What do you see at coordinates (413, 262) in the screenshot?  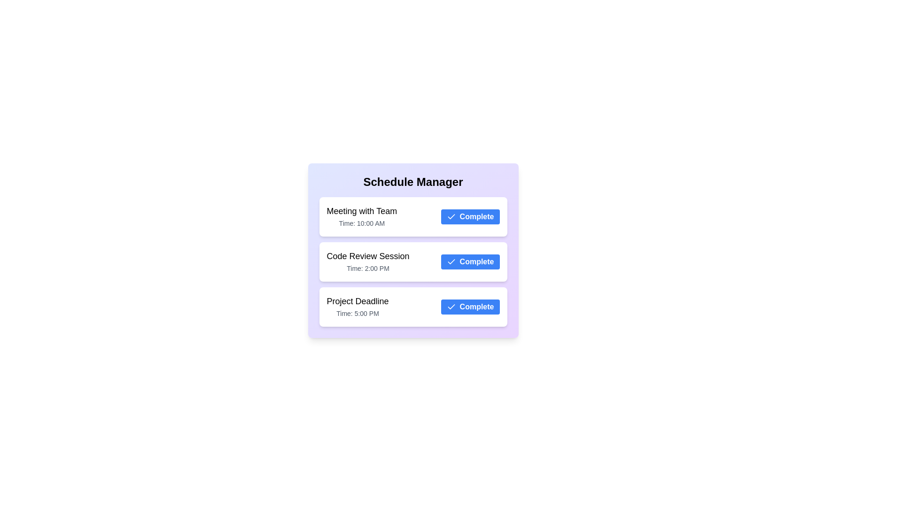 I see `the task item Code Review Session in the ScheduleManager component` at bounding box center [413, 262].